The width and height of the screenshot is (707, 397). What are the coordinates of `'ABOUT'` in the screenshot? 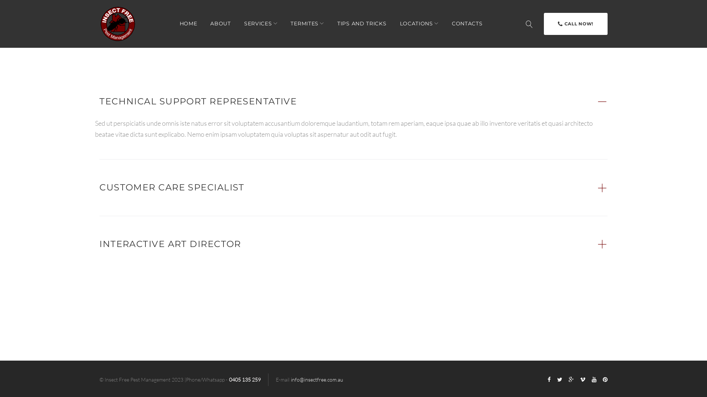 It's located at (220, 23).